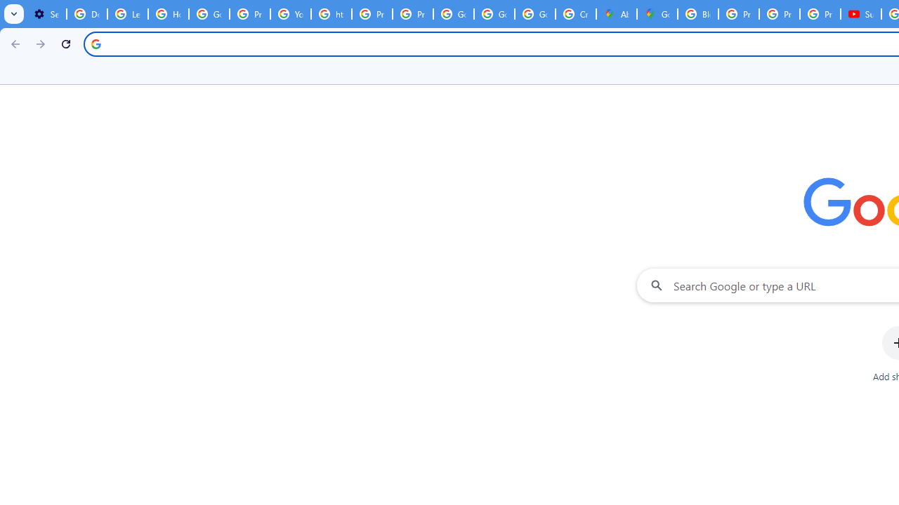  What do you see at coordinates (65, 43) in the screenshot?
I see `'Reload'` at bounding box center [65, 43].